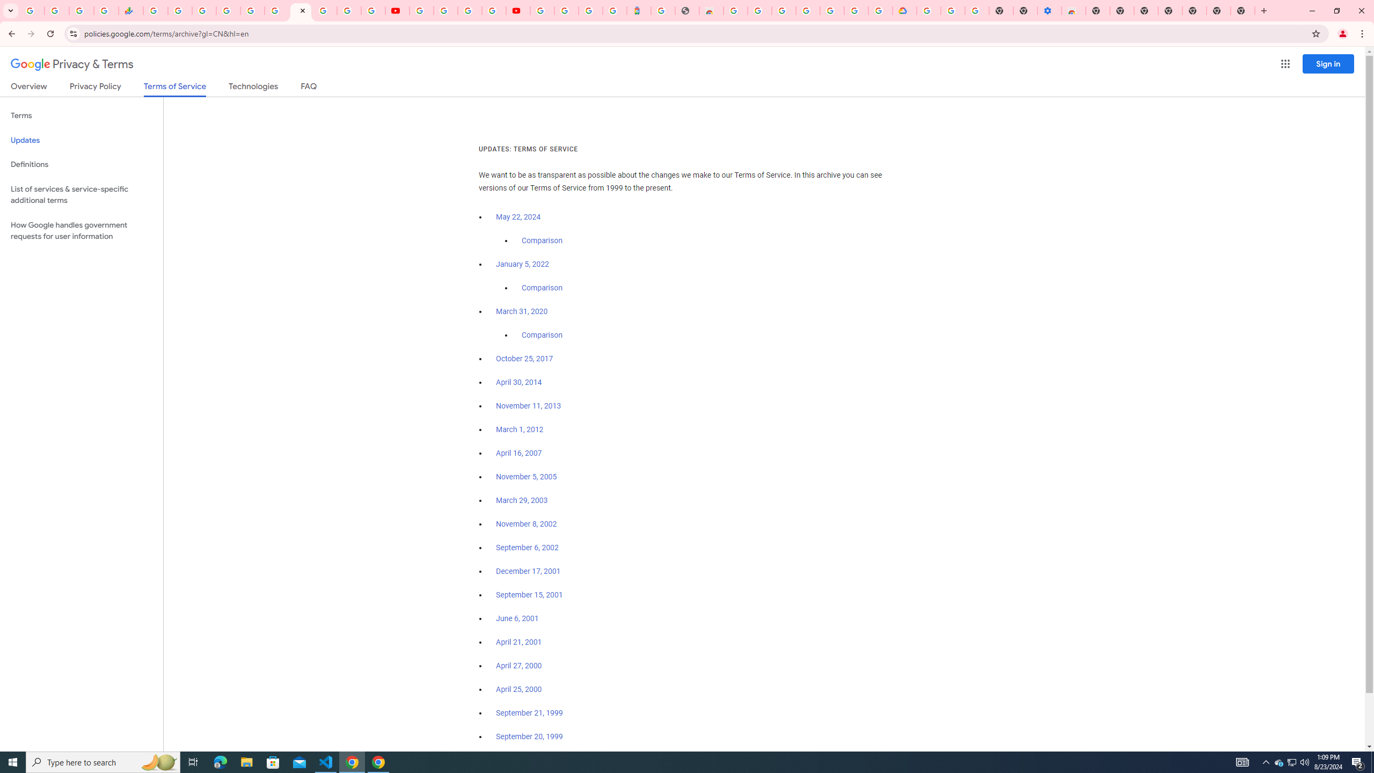 This screenshot has width=1374, height=773. Describe the element at coordinates (421, 10) in the screenshot. I see `'YouTube'` at that location.